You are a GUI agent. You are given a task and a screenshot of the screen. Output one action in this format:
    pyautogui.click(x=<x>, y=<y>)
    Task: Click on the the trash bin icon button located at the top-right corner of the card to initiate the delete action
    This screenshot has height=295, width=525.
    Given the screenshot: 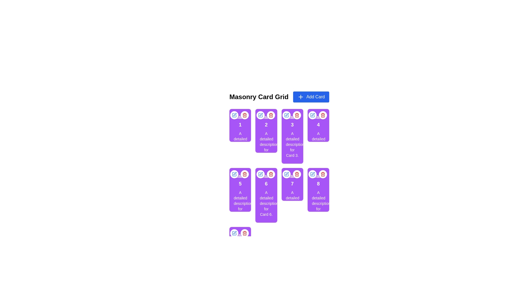 What is the action you would take?
    pyautogui.click(x=271, y=174)
    